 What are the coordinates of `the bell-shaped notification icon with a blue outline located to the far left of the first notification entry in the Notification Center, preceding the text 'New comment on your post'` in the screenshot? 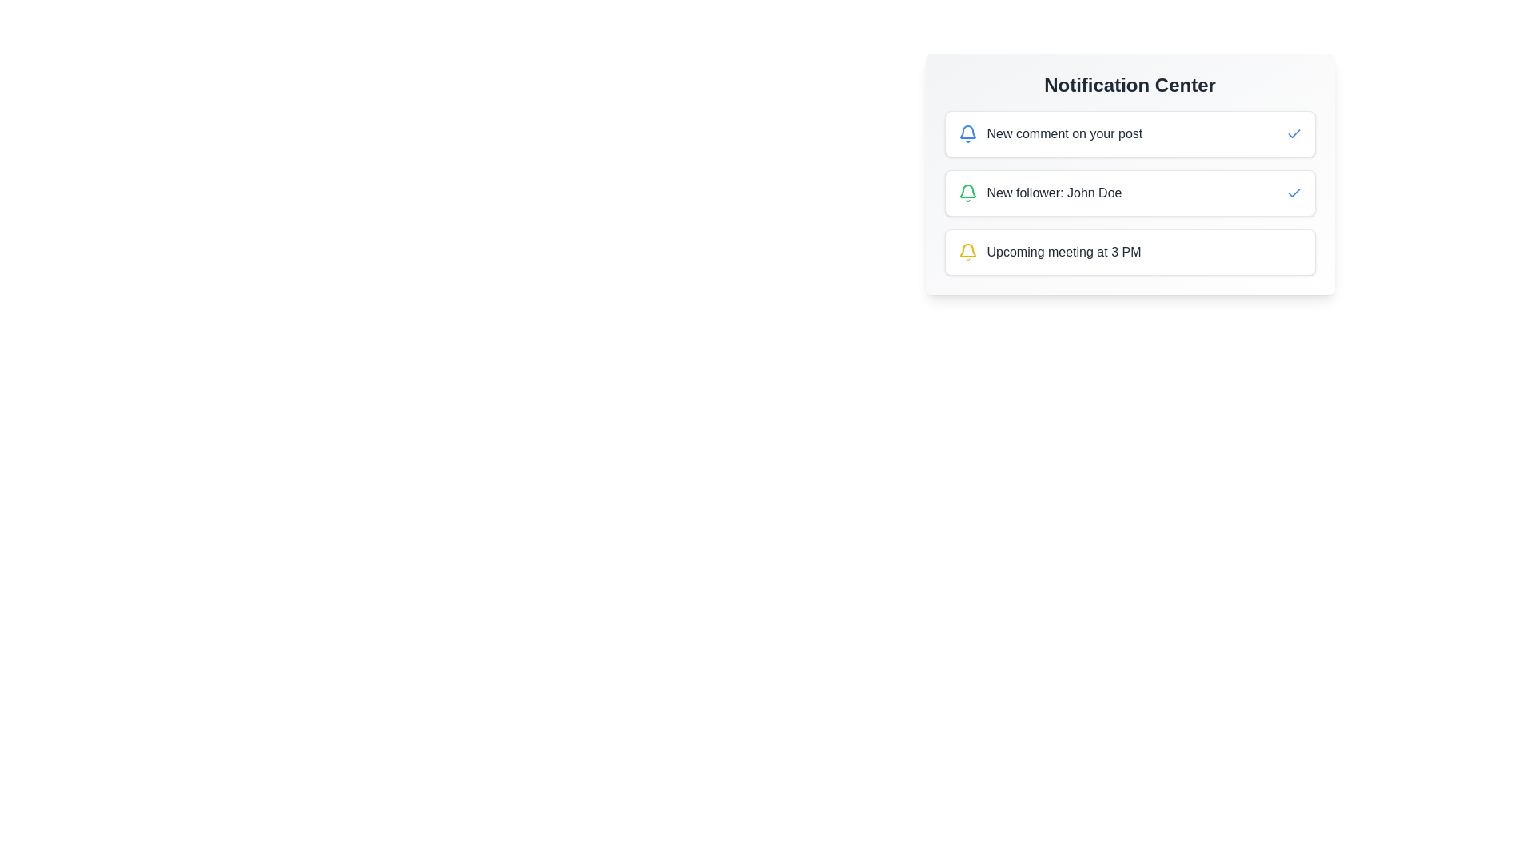 It's located at (967, 133).